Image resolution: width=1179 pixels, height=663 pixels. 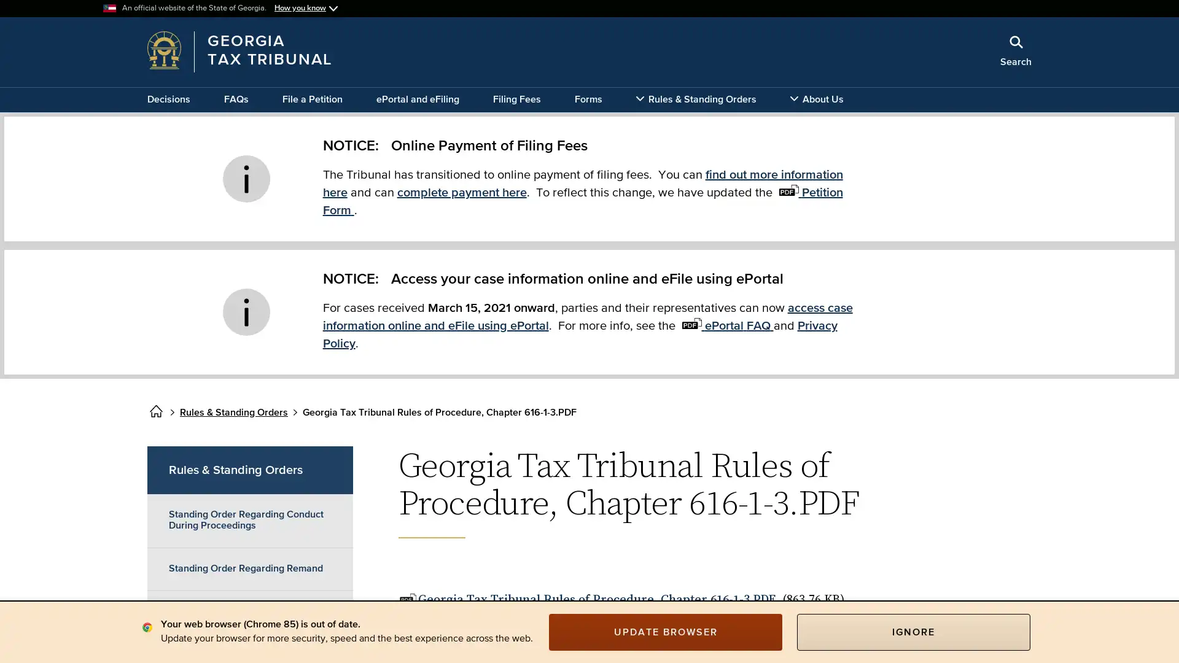 I want to click on Search, so click(x=1016, y=52).